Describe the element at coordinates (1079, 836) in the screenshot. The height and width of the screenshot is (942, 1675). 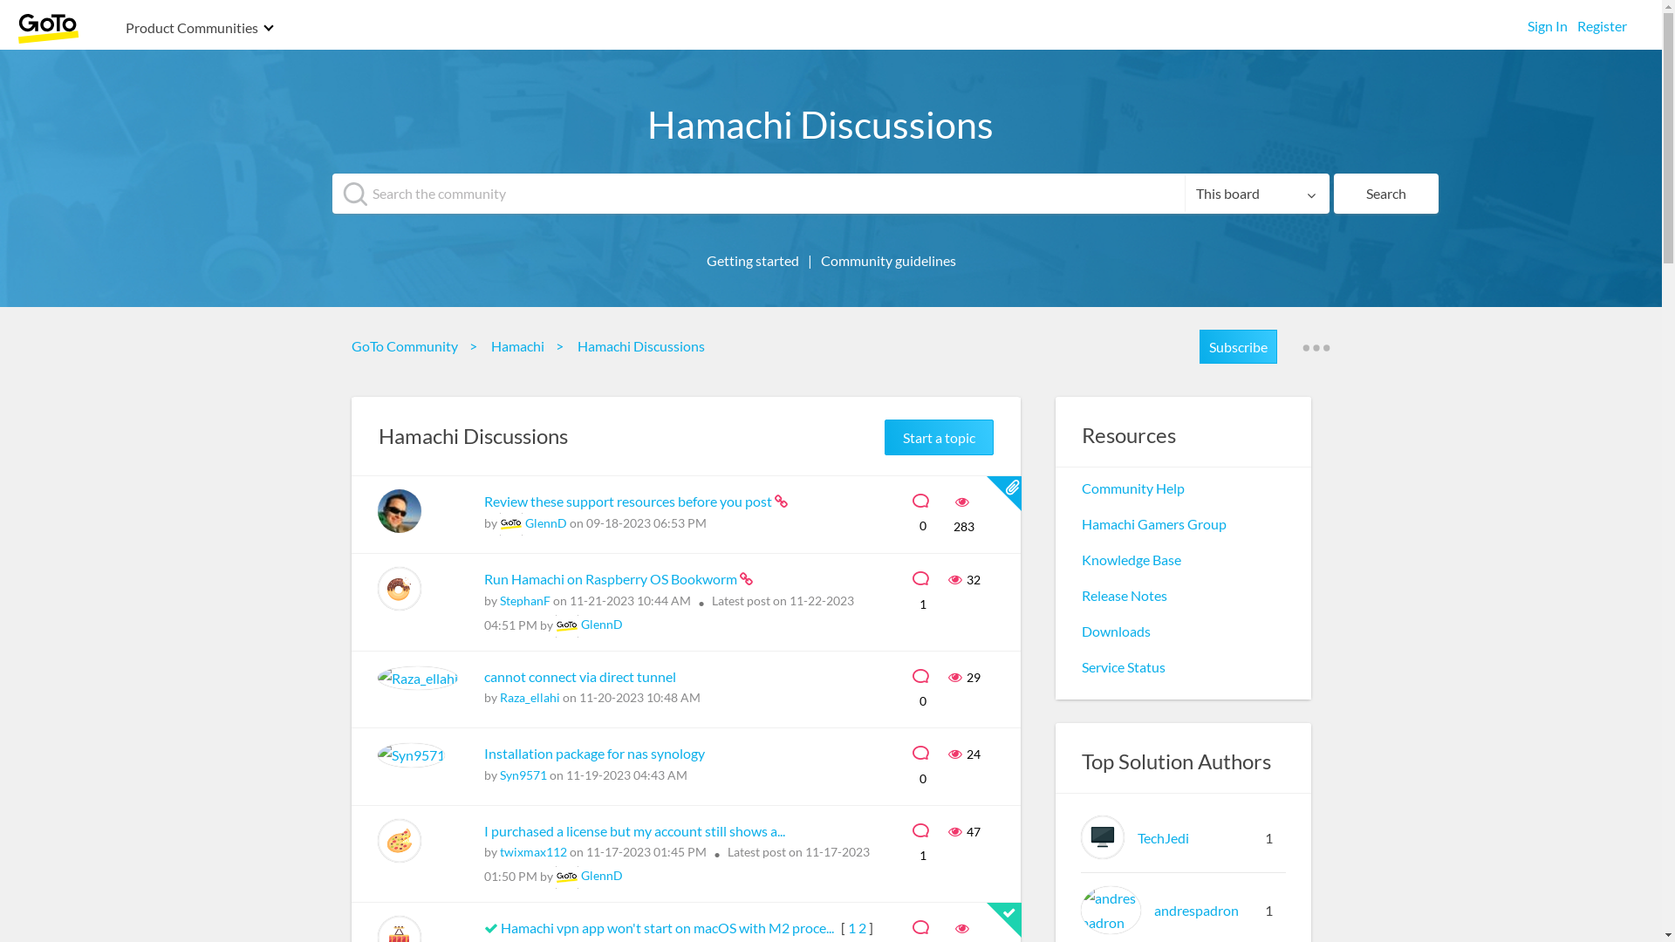
I see `'TechJedi'` at that location.